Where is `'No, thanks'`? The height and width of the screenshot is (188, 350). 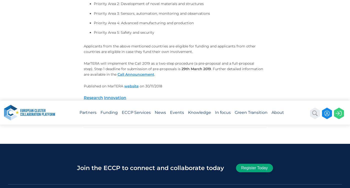
'No, thanks' is located at coordinates (301, 51).